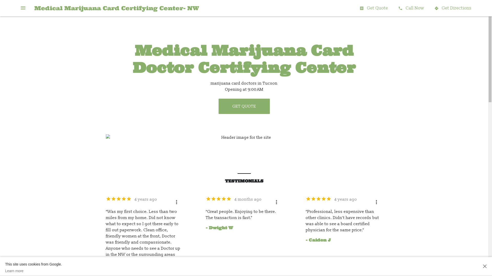 The image size is (492, 276). I want to click on 'Learn more', so click(33, 271).